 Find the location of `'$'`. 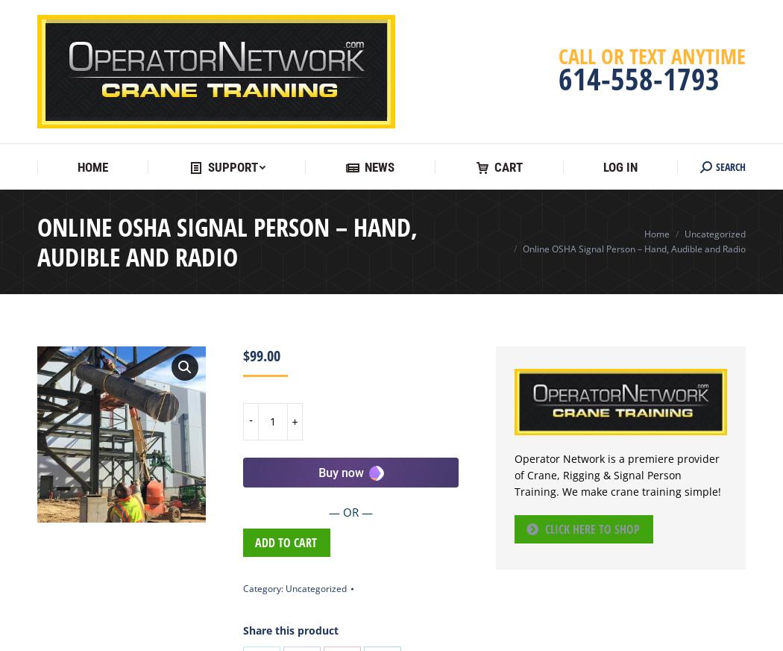

'$' is located at coordinates (246, 355).